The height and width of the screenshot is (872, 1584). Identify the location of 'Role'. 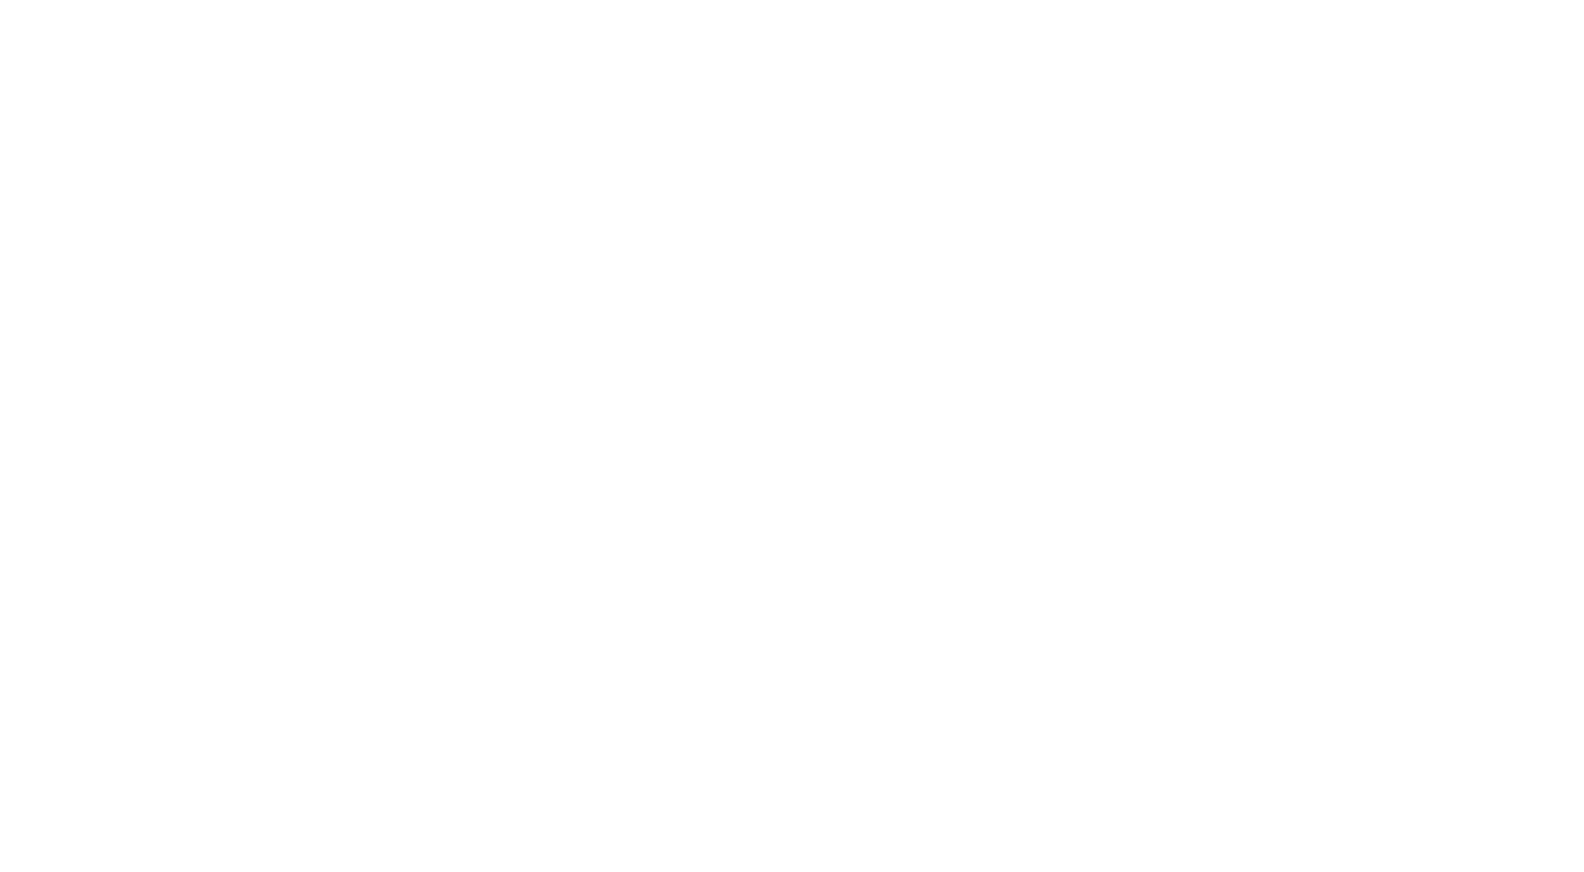
(716, 612).